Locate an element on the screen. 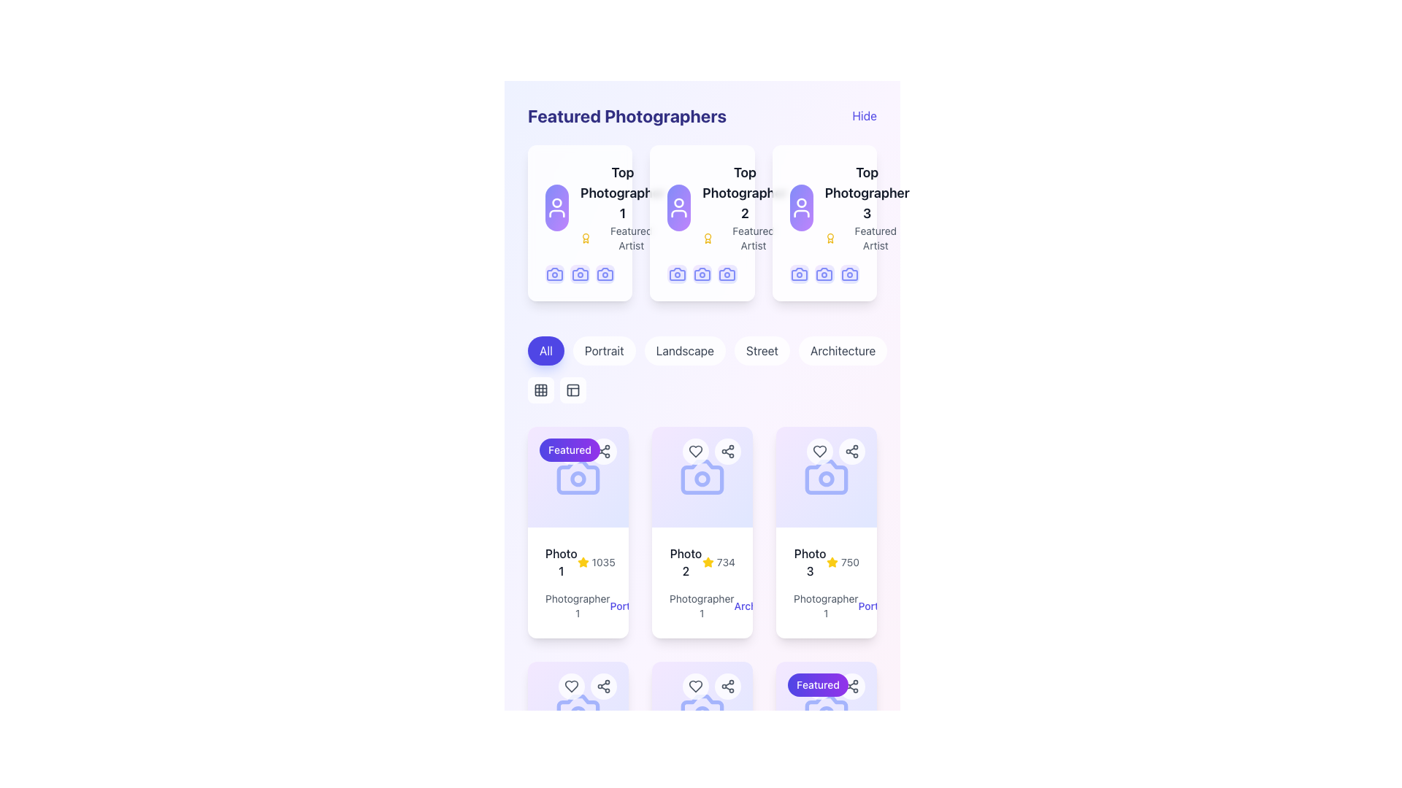 This screenshot has height=788, width=1402. the Rating display element located under the 'Photo 2' card in the second column of the grid layout, which provides visual feedback about the photo's score or popularity is located at coordinates (719, 562).